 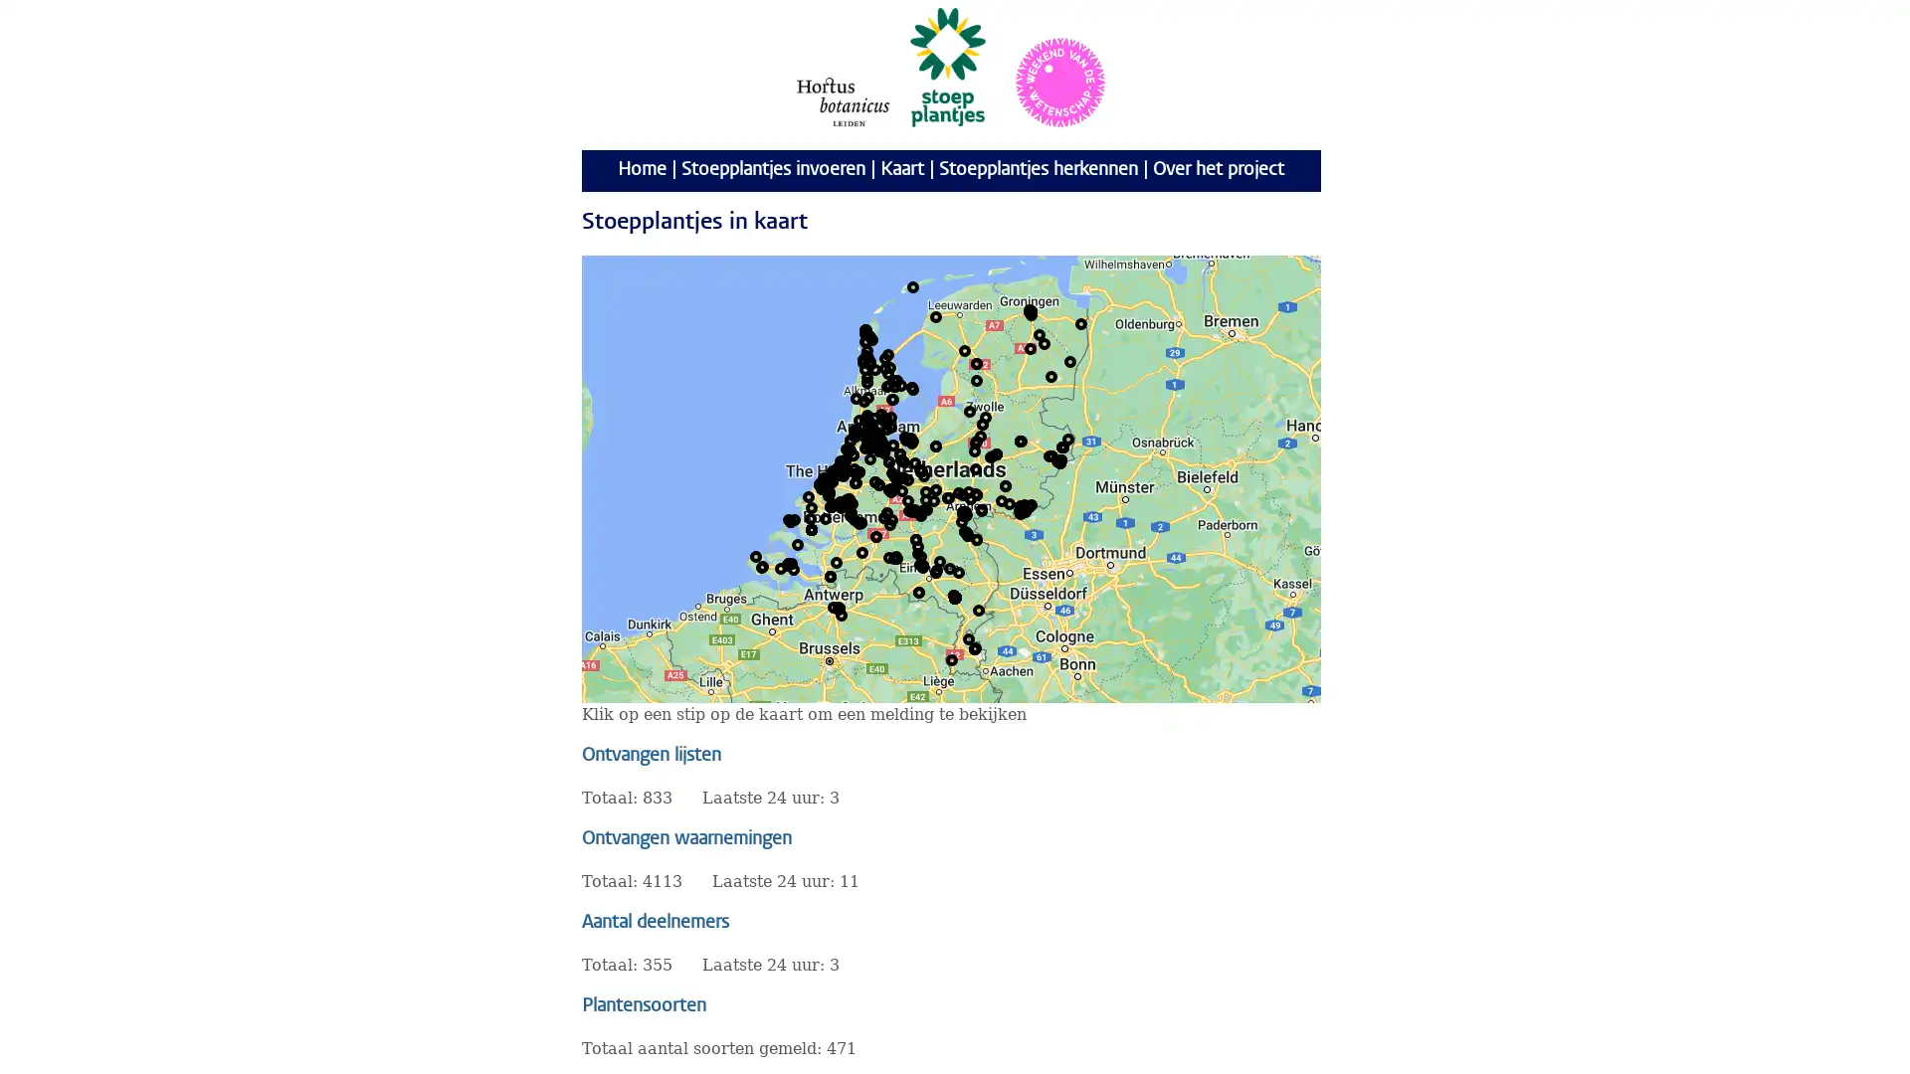 What do you see at coordinates (877, 437) in the screenshot?
I see `Telling van mees op 21 april 2022` at bounding box center [877, 437].